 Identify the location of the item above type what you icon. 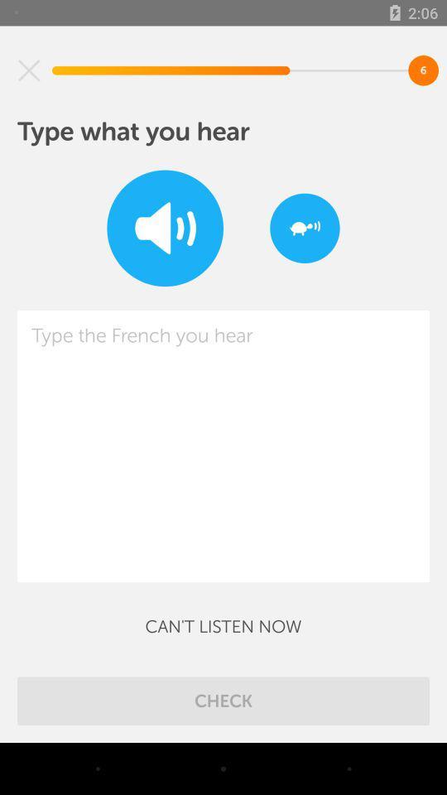
(29, 70).